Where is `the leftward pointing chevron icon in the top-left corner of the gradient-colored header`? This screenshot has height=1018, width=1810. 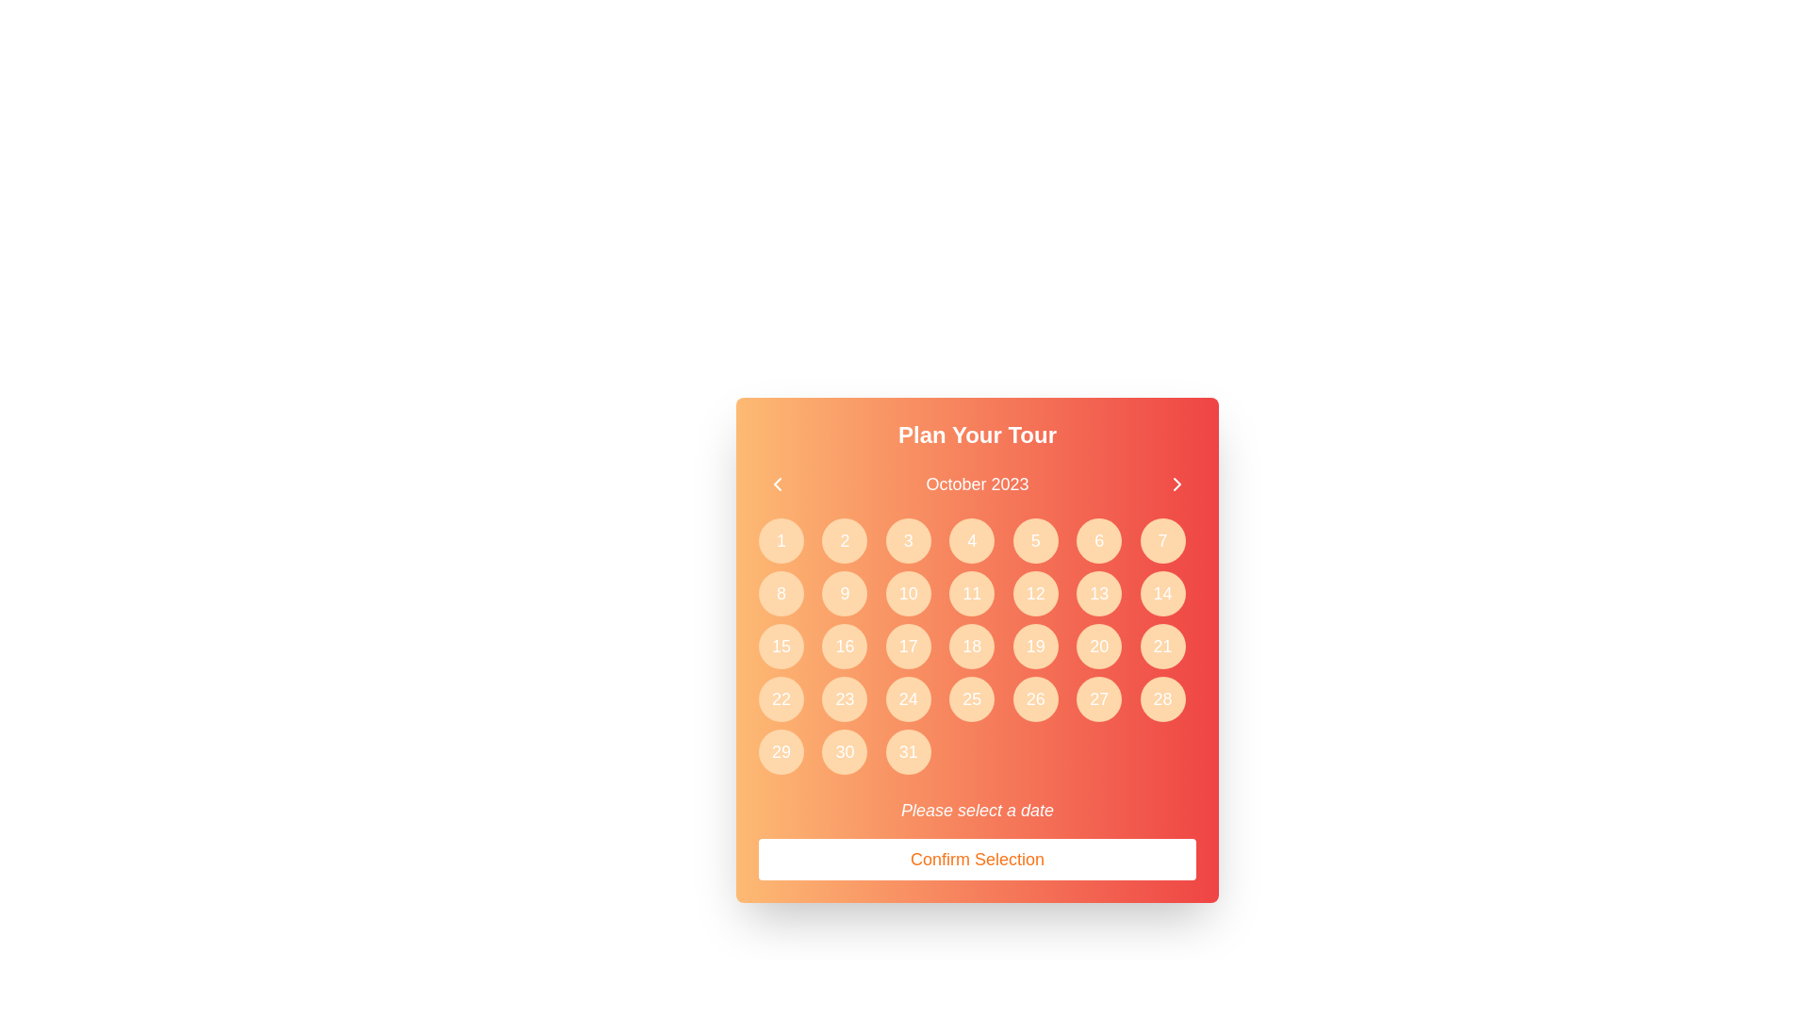
the leftward pointing chevron icon in the top-left corner of the gradient-colored header is located at coordinates (778, 483).